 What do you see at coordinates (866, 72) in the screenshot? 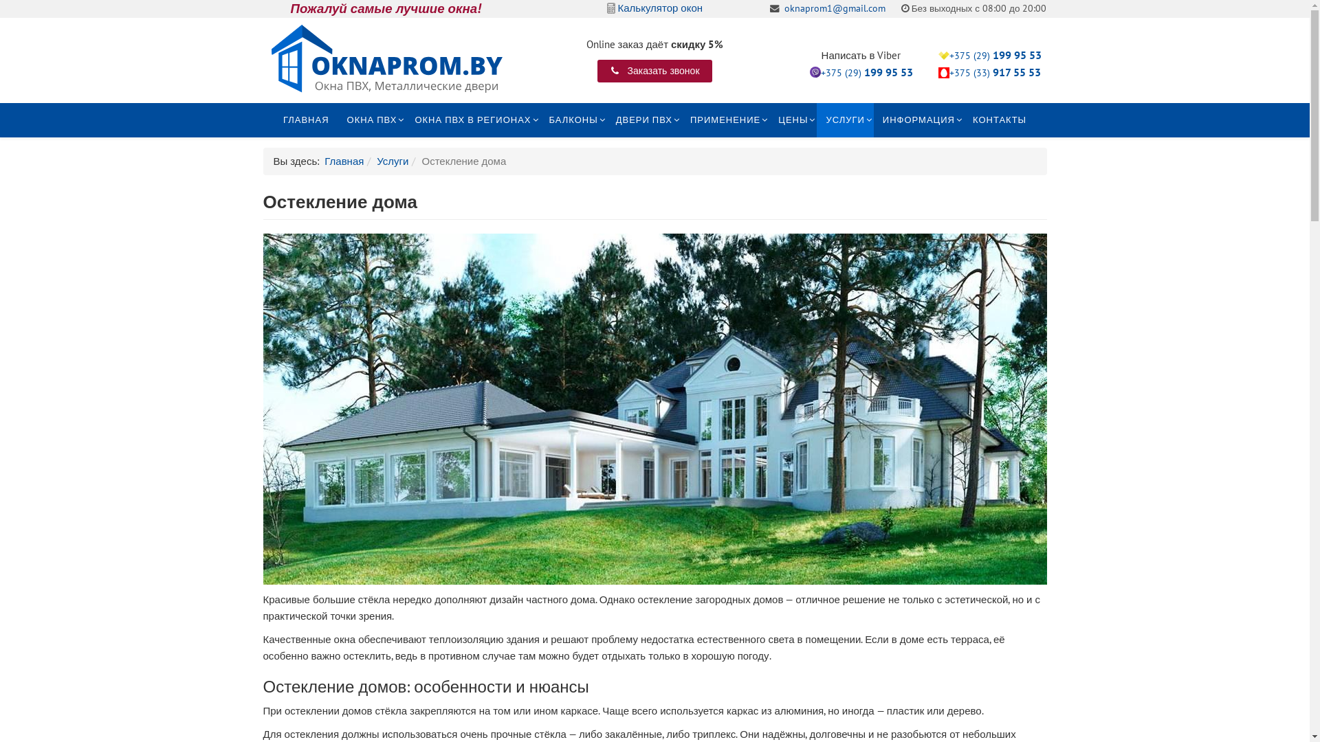
I see `'+375 (29) 199 95 53'` at bounding box center [866, 72].